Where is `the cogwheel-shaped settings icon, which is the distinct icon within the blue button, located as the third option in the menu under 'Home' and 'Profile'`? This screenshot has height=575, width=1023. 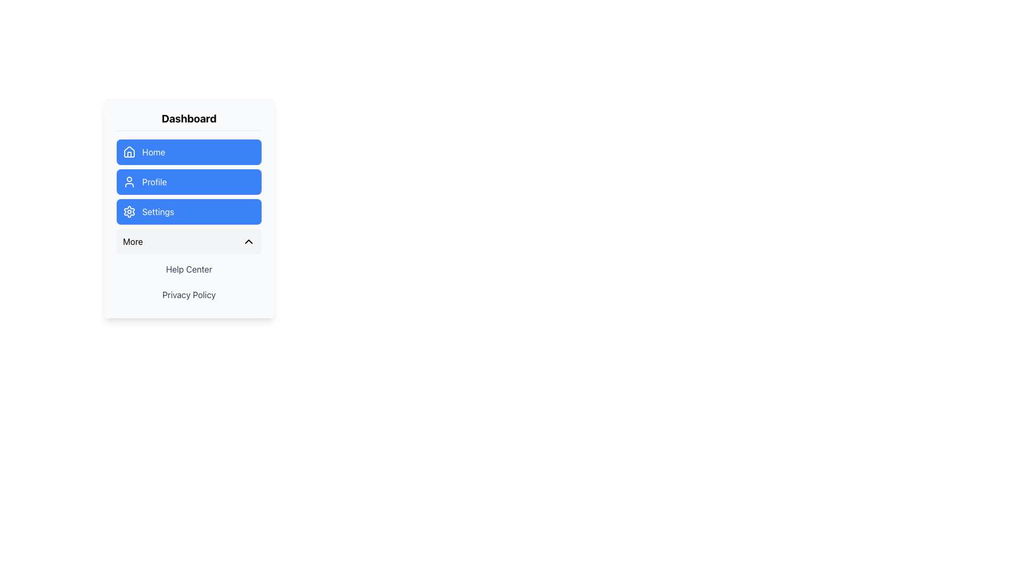 the cogwheel-shaped settings icon, which is the distinct icon within the blue button, located as the third option in the menu under 'Home' and 'Profile' is located at coordinates (129, 211).